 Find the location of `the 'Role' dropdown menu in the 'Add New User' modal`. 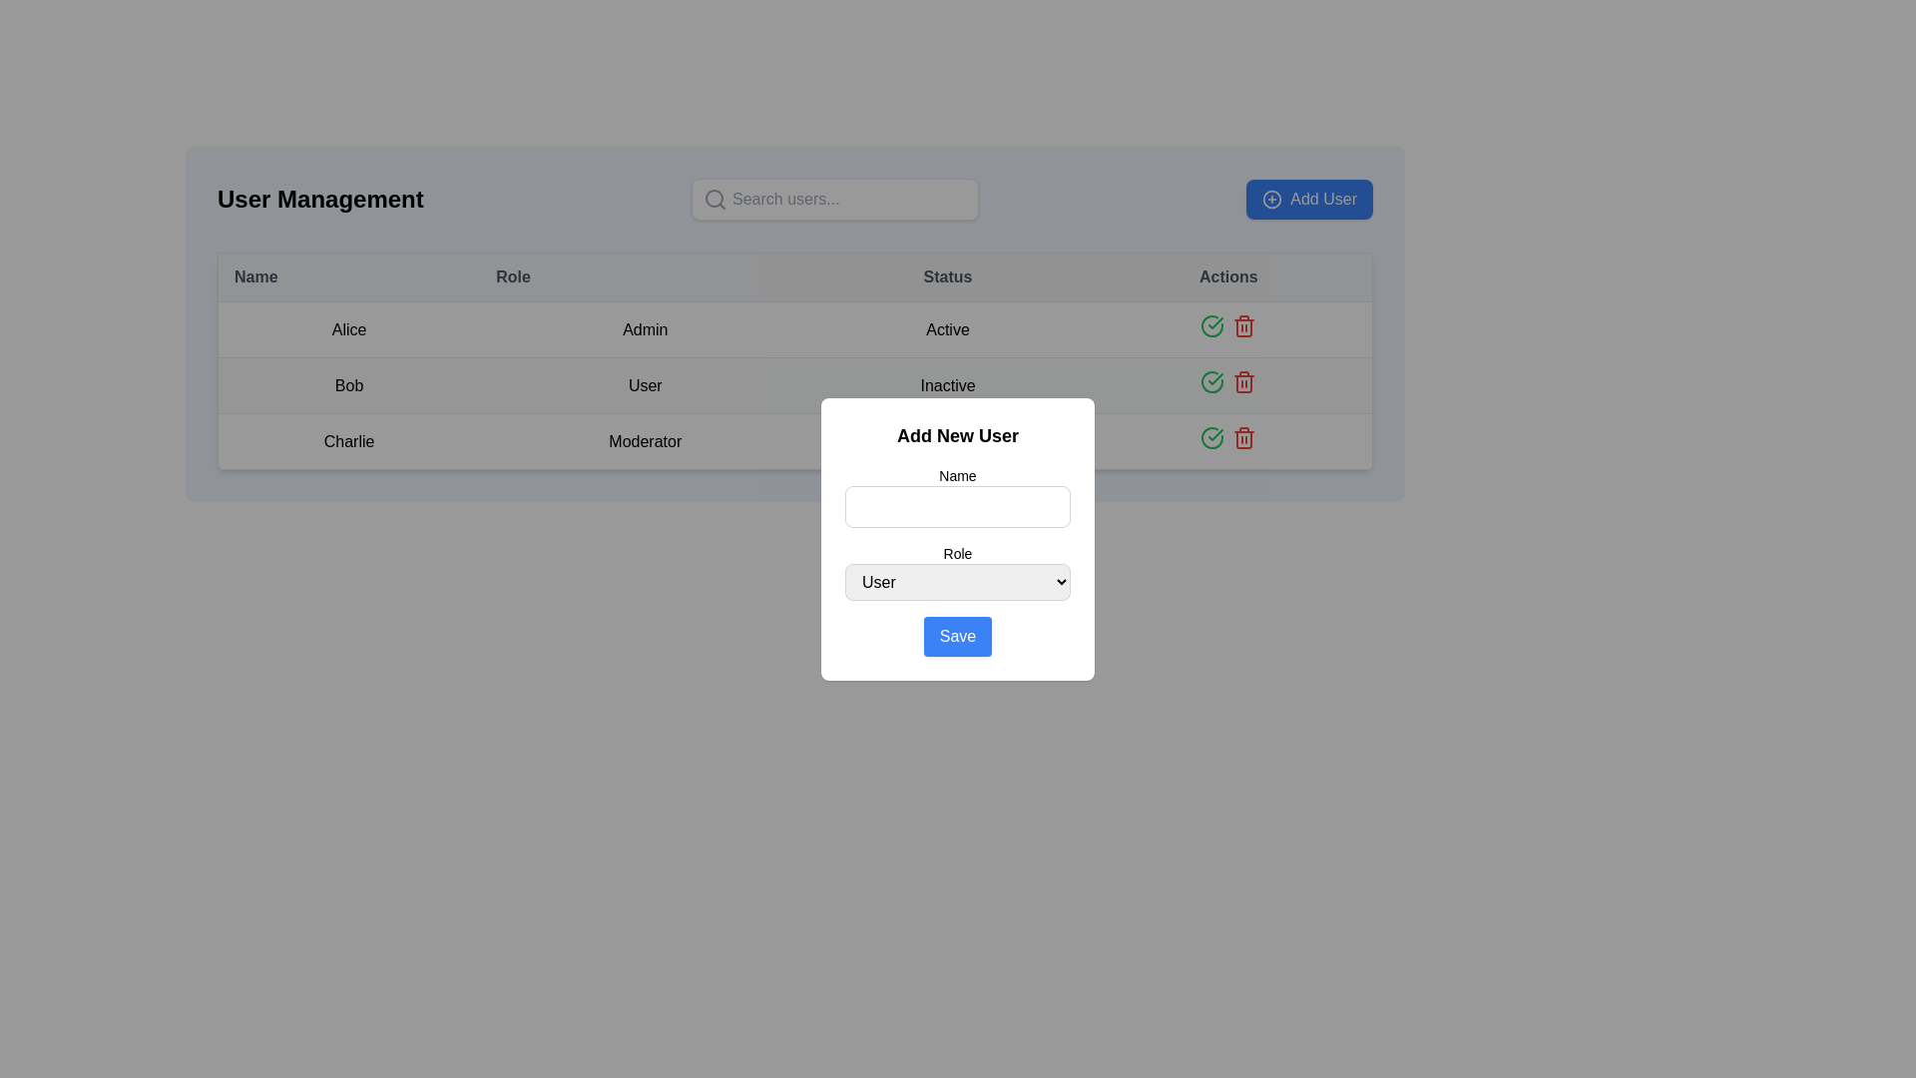

the 'Role' dropdown menu in the 'Add New User' modal is located at coordinates (958, 572).